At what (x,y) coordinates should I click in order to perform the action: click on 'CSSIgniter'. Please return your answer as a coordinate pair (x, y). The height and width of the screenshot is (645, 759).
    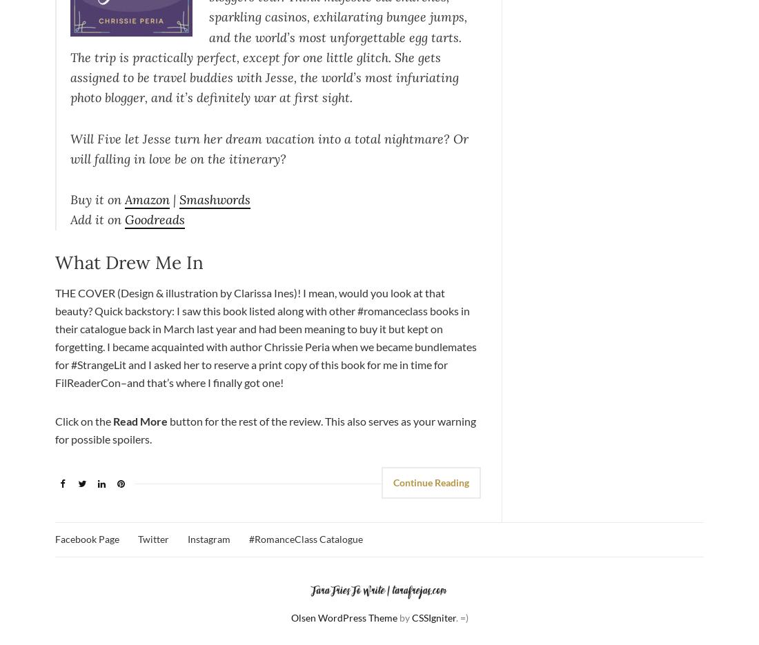
    Looking at the image, I should click on (433, 617).